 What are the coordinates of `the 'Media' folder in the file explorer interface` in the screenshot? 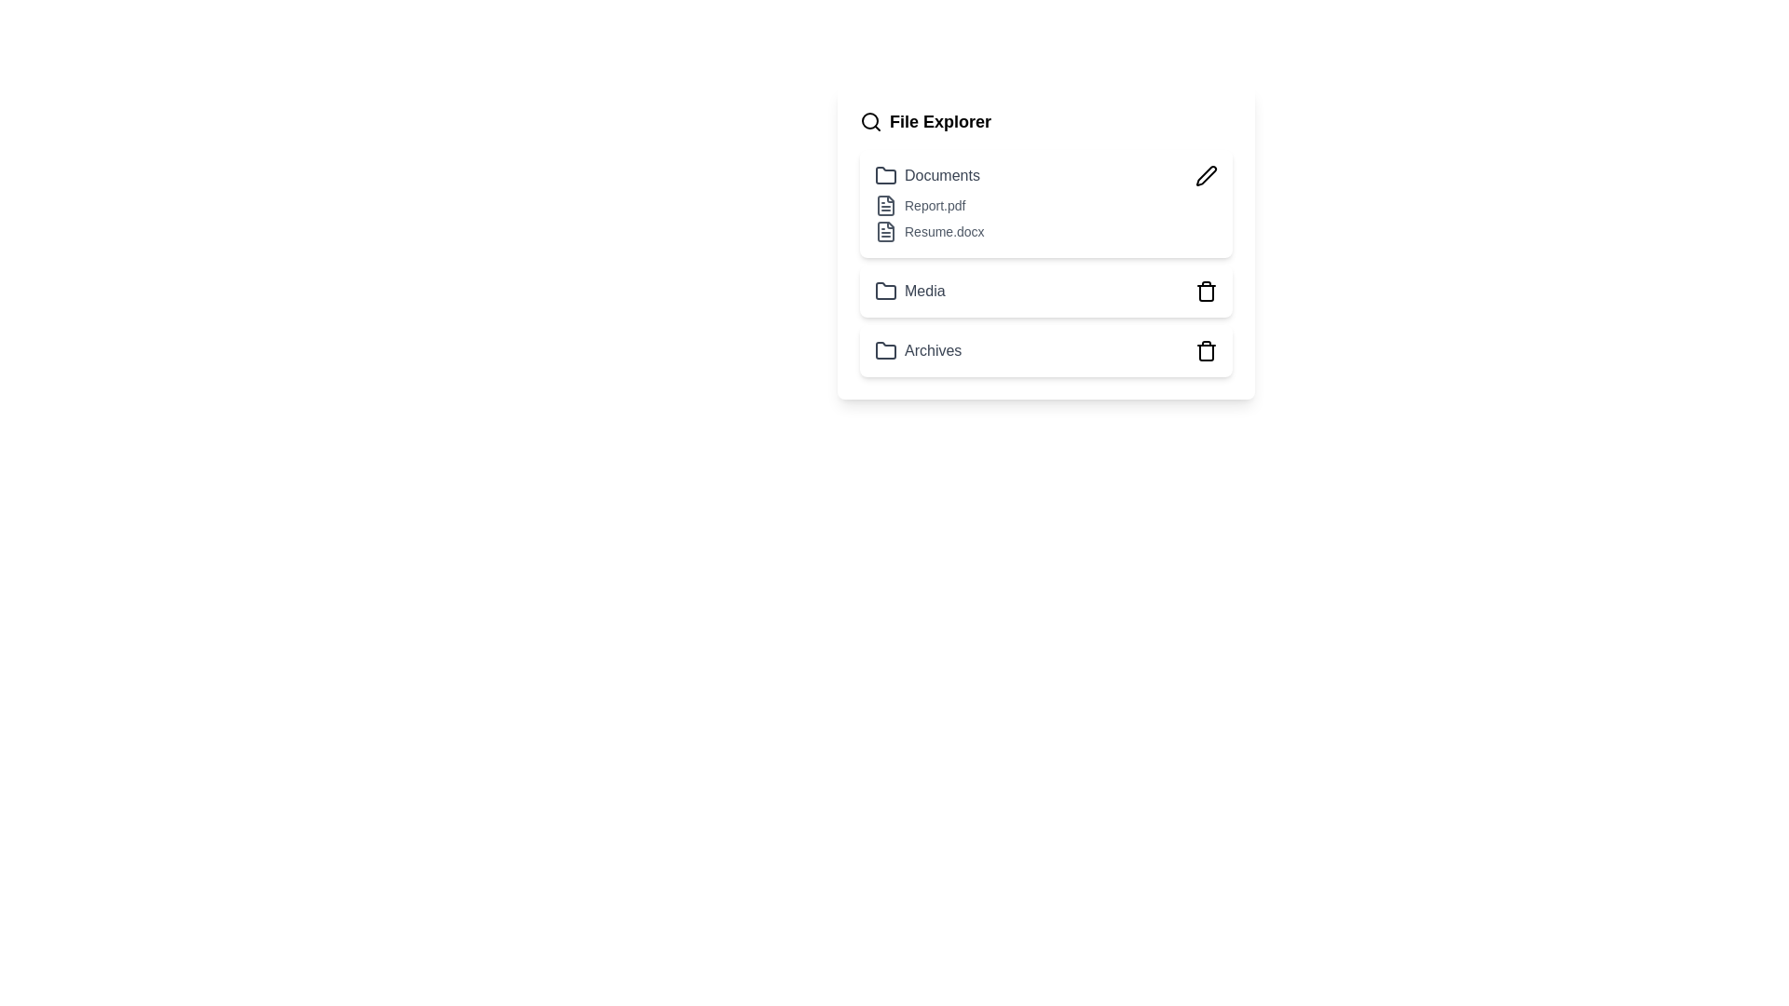 It's located at (1046, 291).